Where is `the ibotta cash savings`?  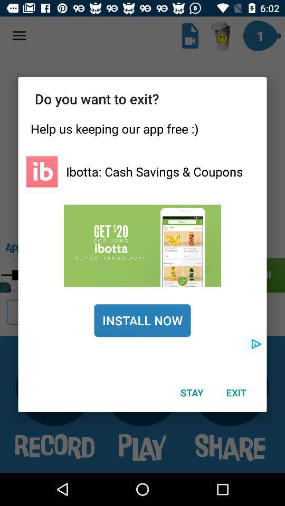 the ibotta cash savings is located at coordinates (154, 171).